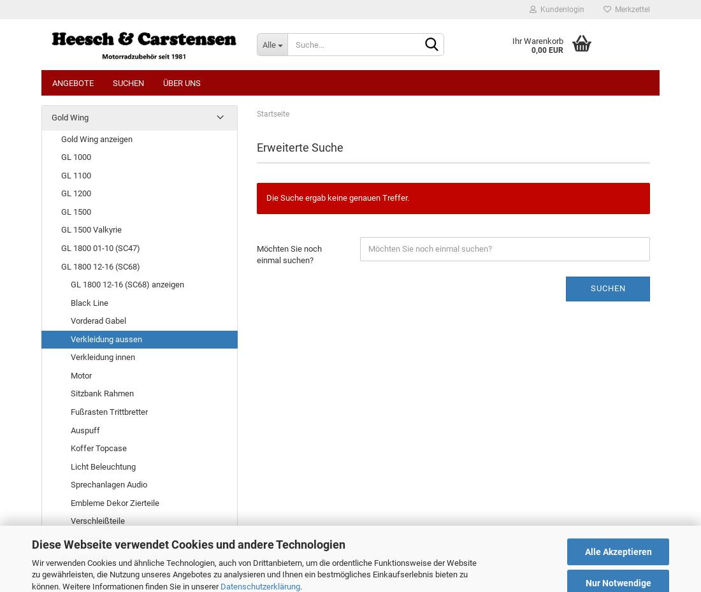  I want to click on 'GL 1800 18-22 (SC79)', so click(61, 538).